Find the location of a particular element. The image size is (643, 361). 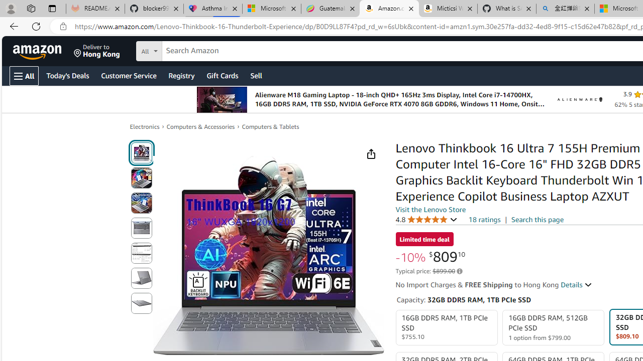

'Details ' is located at coordinates (577, 285).